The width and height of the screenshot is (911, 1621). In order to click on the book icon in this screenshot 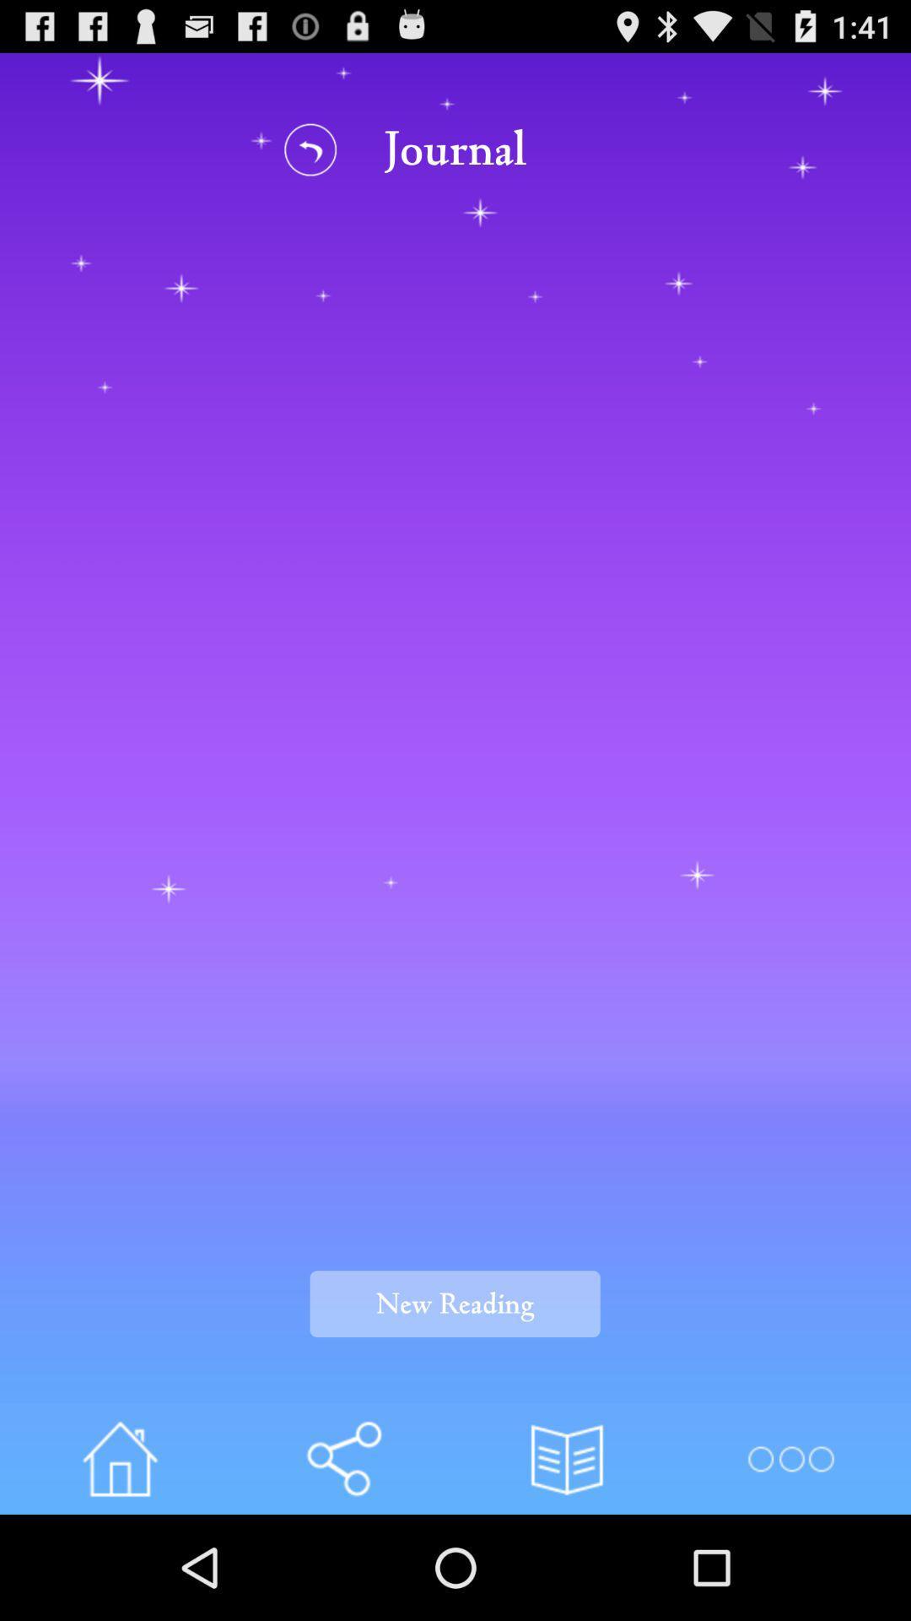, I will do `click(567, 1560)`.